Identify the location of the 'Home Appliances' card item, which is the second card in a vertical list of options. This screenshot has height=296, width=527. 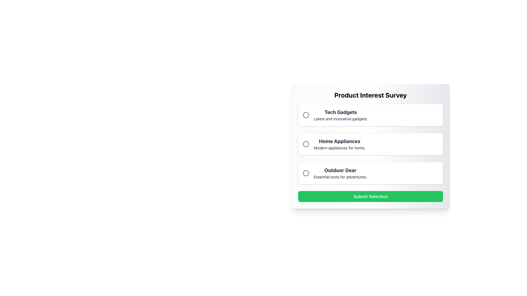
(370, 144).